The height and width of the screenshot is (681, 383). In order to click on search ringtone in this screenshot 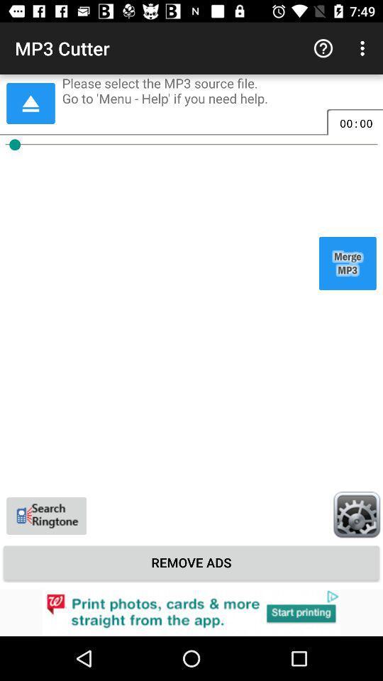, I will do `click(46, 515)`.